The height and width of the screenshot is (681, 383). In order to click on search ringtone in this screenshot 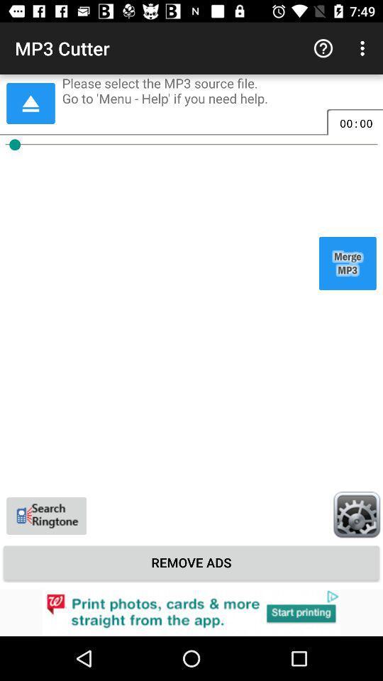, I will do `click(46, 515)`.